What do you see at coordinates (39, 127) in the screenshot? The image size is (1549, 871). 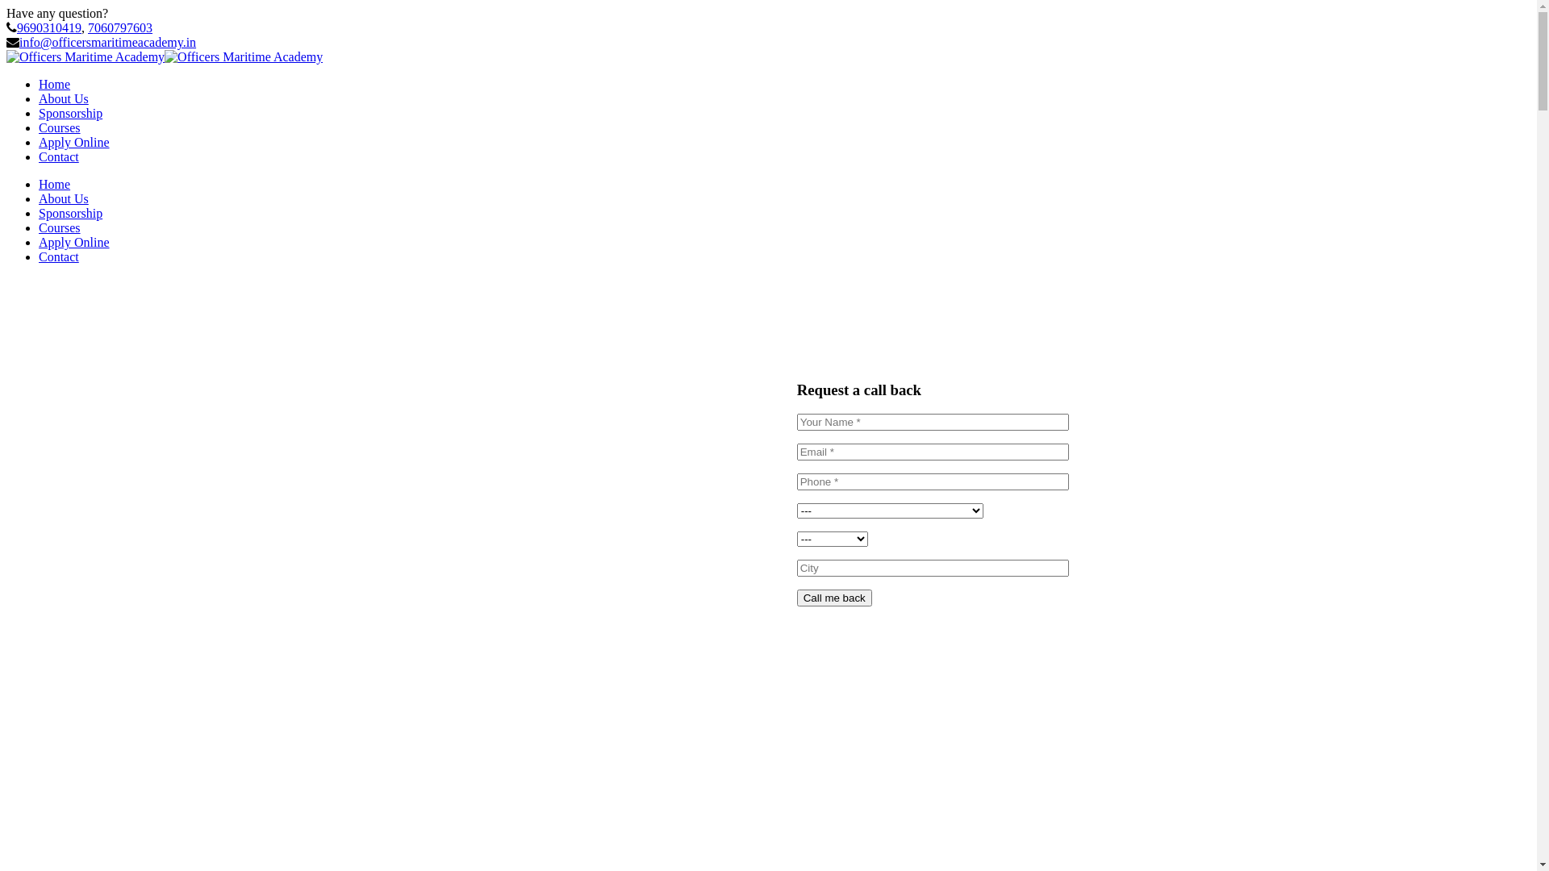 I see `'Courses'` at bounding box center [39, 127].